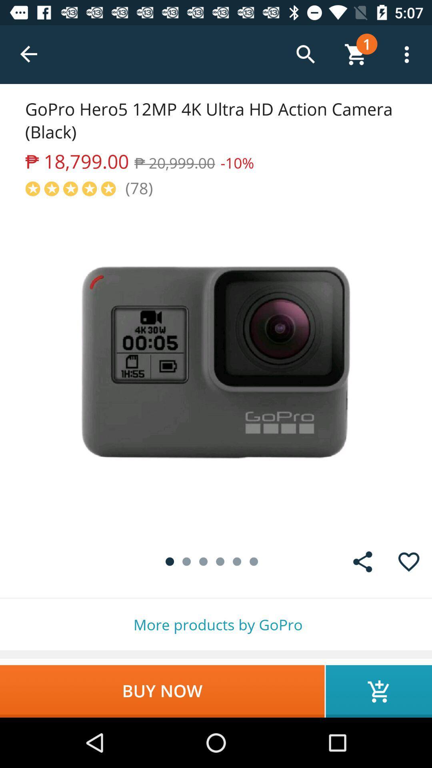 This screenshot has height=768, width=432. I want to click on back button, so click(29, 54).